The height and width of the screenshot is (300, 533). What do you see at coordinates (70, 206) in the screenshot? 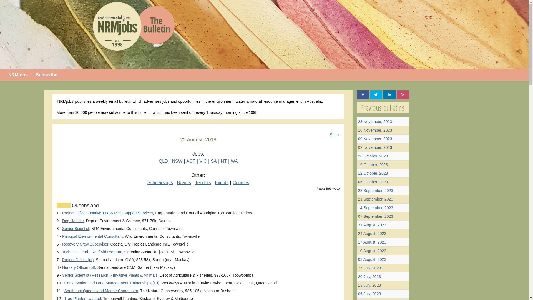
I see `'Queensland'` at bounding box center [70, 206].